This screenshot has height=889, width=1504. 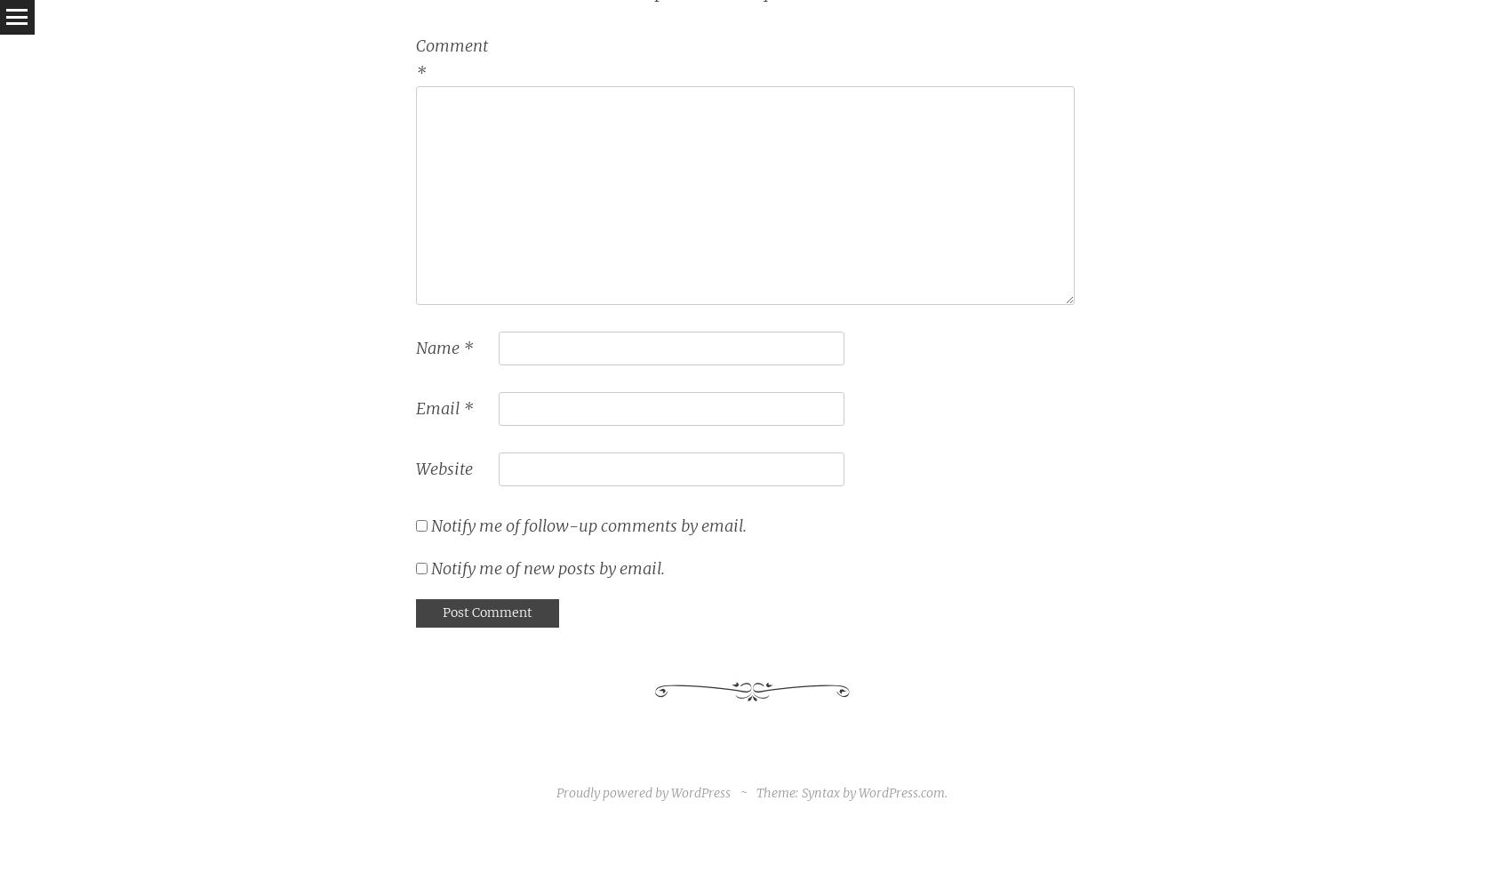 I want to click on 'Website', so click(x=443, y=469).